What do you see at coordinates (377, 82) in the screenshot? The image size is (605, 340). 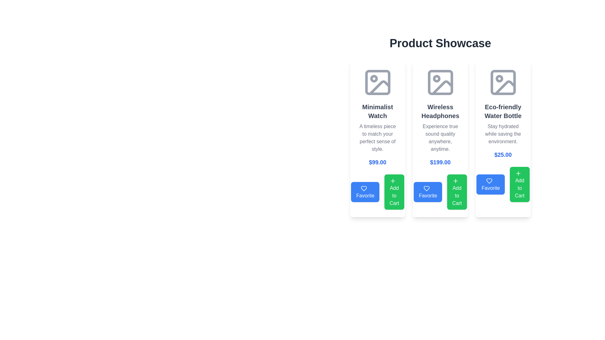 I see `the image placeholder icon representing the 'Minimalist Watch', positioned at the top of the card above the product's name and description` at bounding box center [377, 82].